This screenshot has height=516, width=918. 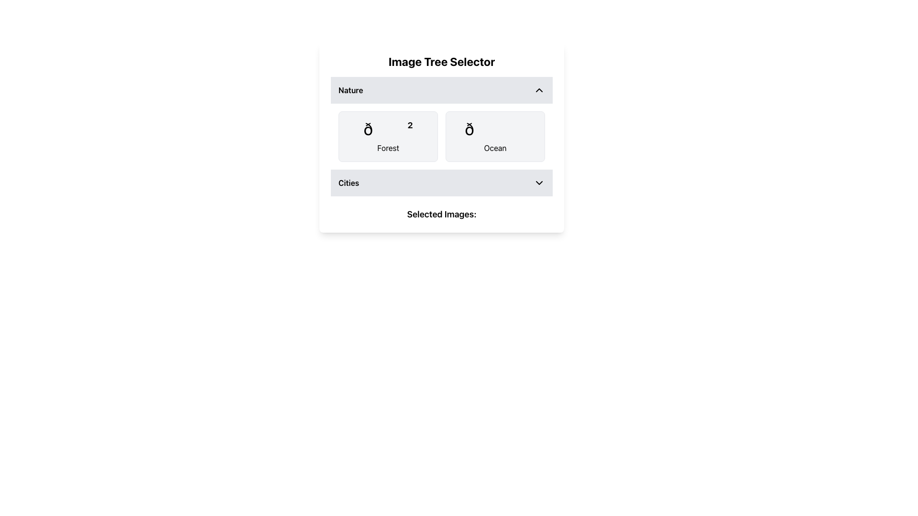 I want to click on the Dropdown Trigger for the category labeled 'Cities', which is located in the bottom row of the 'Nature' group, so click(x=441, y=183).